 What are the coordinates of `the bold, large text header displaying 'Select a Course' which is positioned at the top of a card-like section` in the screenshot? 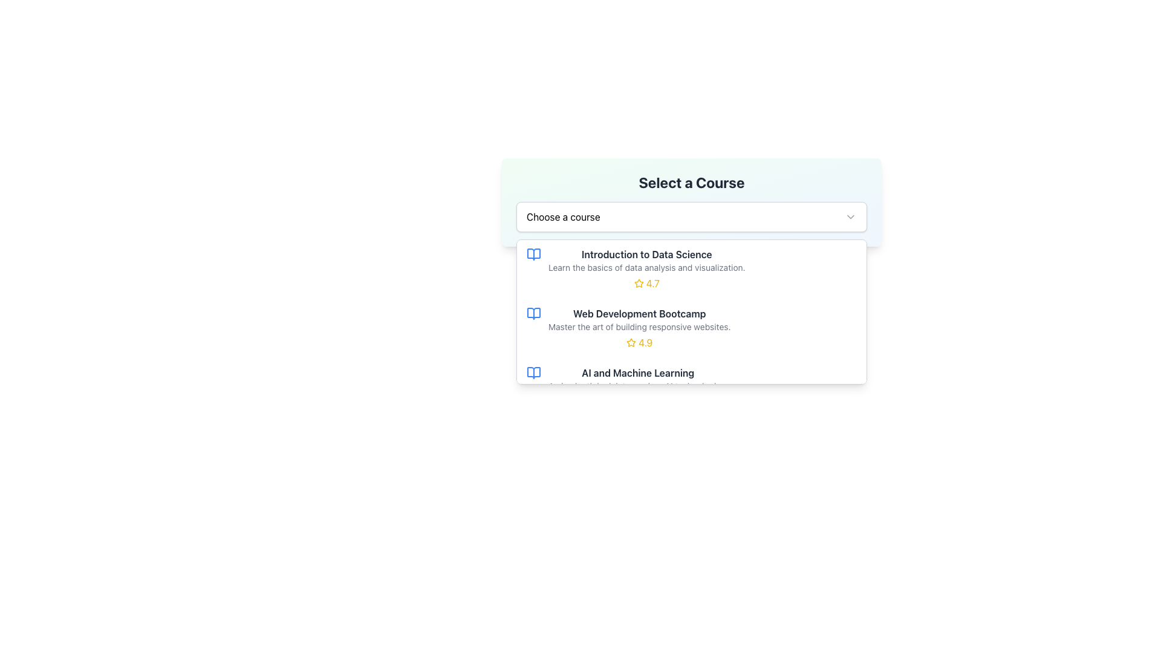 It's located at (691, 182).